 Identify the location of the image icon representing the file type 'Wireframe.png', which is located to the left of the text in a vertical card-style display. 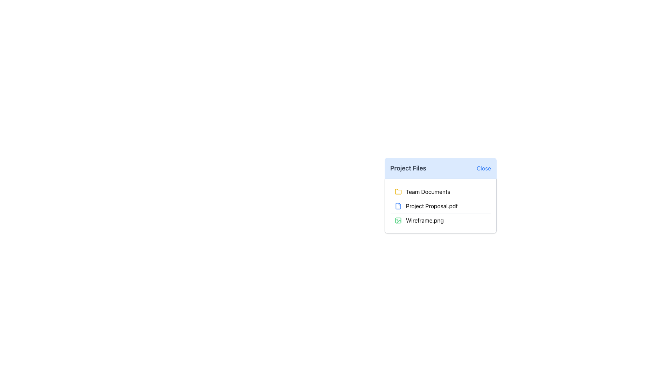
(398, 220).